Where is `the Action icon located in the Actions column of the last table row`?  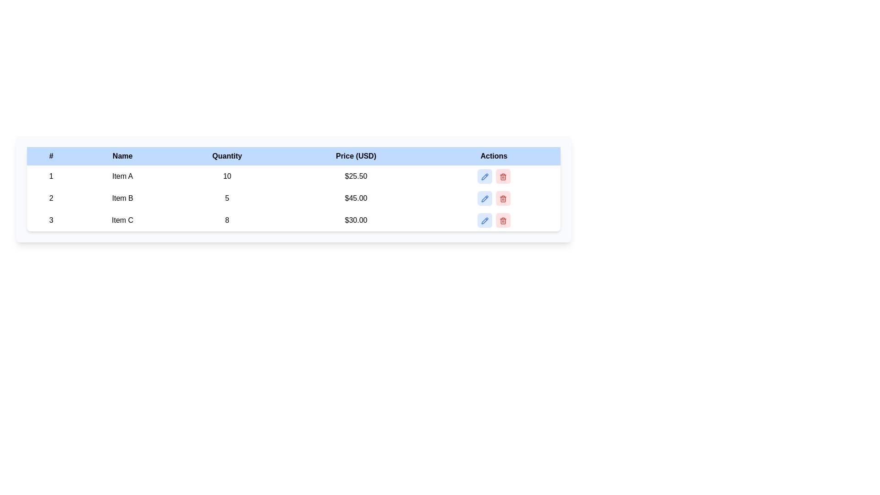 the Action icon located in the Actions column of the last table row is located at coordinates (502, 220).